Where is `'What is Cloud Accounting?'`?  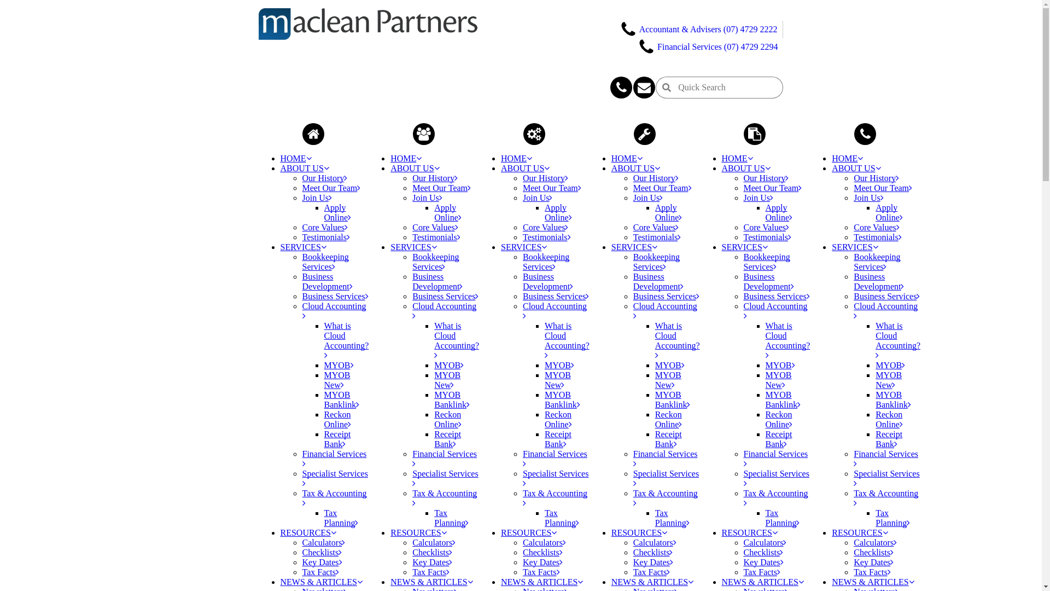
'What is Cloud Accounting?' is located at coordinates (897, 340).